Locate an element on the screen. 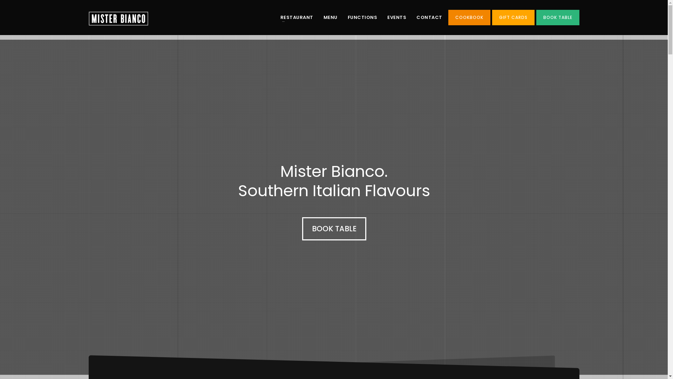 The image size is (673, 379). 'BOOK TABLE' is located at coordinates (557, 17).